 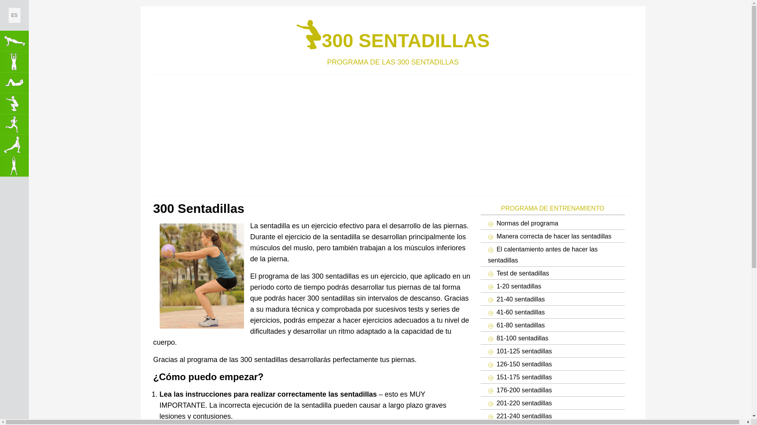 What do you see at coordinates (14, 41) in the screenshot?
I see `'100 Flexiones de Brazos'` at bounding box center [14, 41].